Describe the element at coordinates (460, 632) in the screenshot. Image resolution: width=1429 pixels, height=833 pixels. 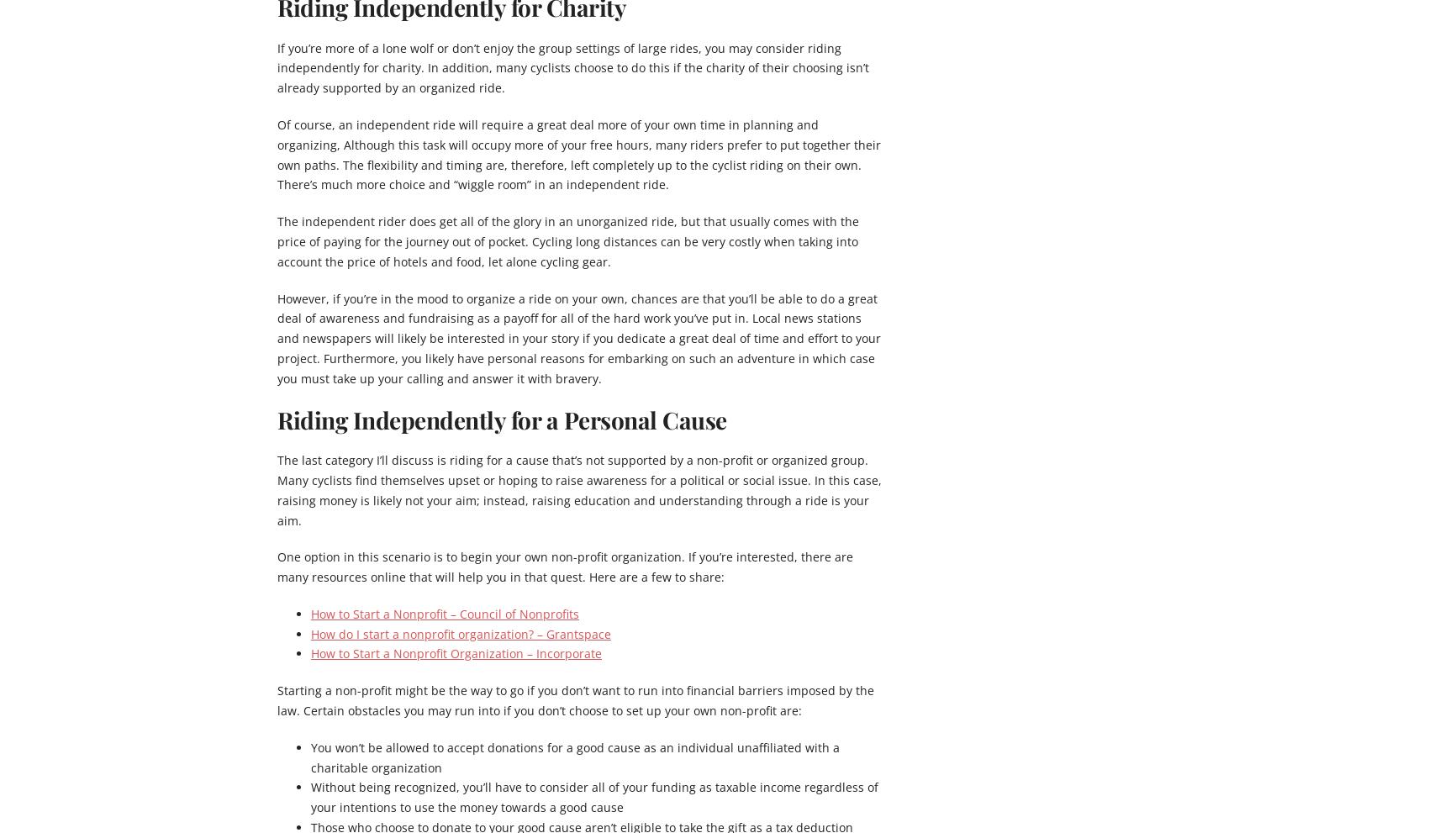
I see `'How do I start a nonprofit organization? – Grantspace'` at that location.